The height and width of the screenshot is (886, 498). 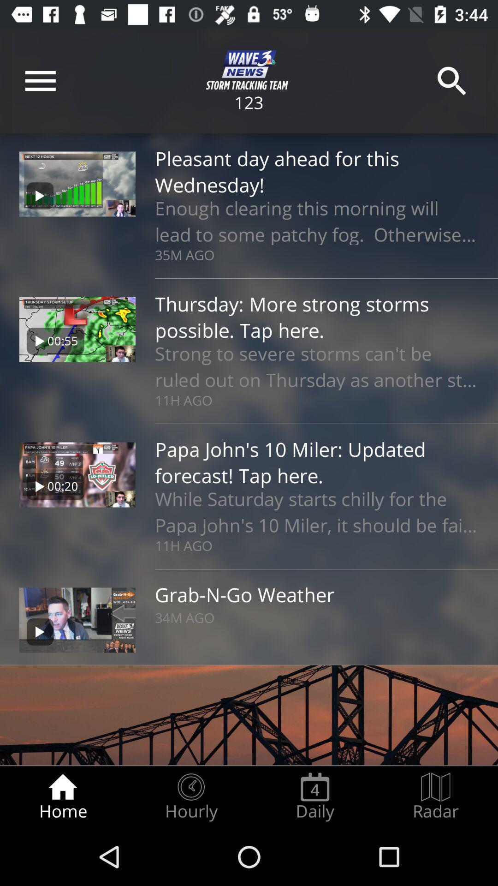 I want to click on icon to the left of daily radio button, so click(x=190, y=796).